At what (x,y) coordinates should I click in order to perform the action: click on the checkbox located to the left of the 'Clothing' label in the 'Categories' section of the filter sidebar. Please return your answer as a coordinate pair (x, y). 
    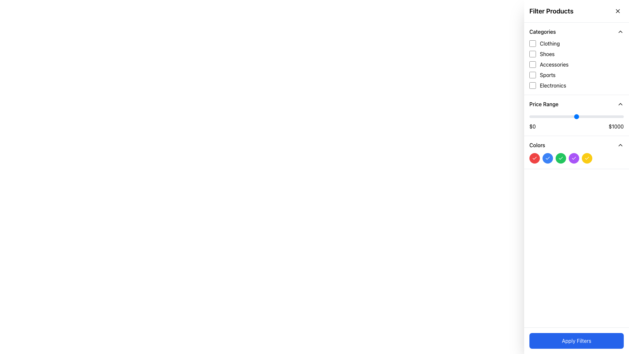
    Looking at the image, I should click on (533, 43).